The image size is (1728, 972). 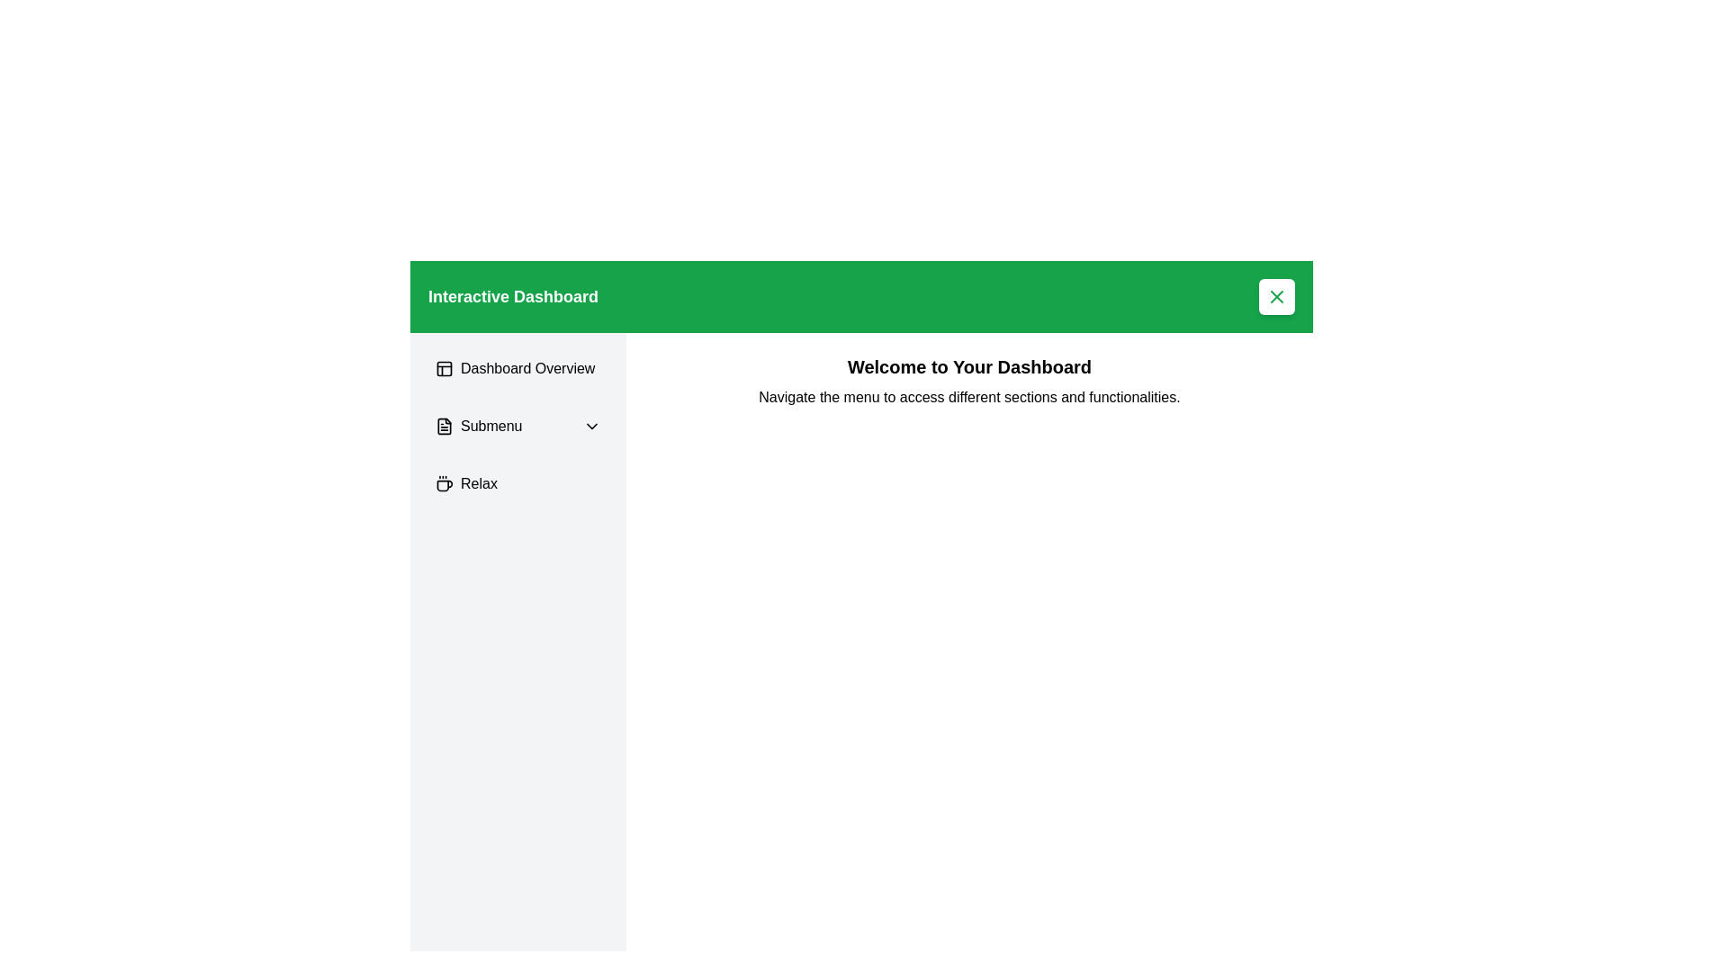 I want to click on the small square button with a green 'X' symbol located at the top-right corner of the green header bar next to 'Interactive Dashboard', so click(x=1276, y=296).